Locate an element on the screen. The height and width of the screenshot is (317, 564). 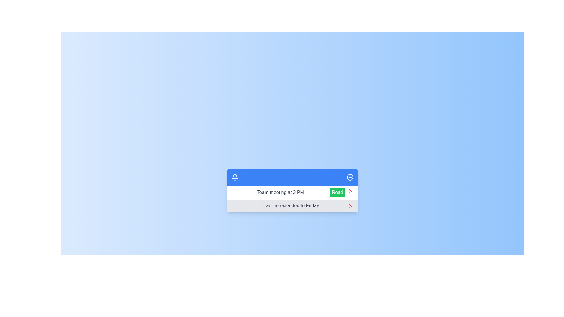
the lower section of the bell icon is located at coordinates (235, 176).